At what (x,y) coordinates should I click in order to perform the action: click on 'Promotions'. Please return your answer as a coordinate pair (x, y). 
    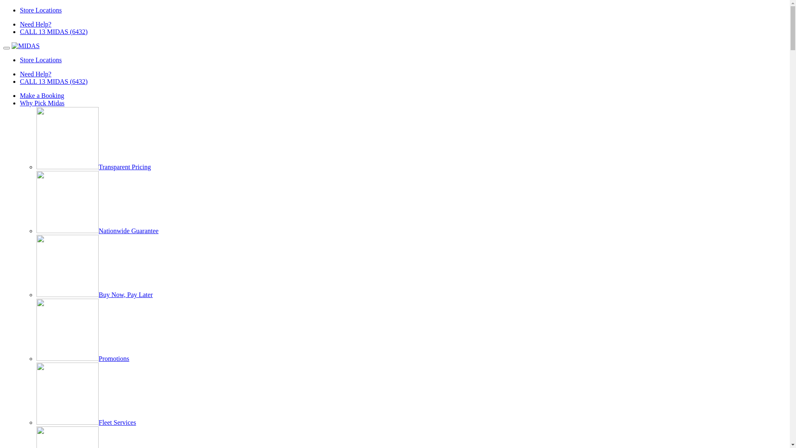
    Looking at the image, I should click on (83, 358).